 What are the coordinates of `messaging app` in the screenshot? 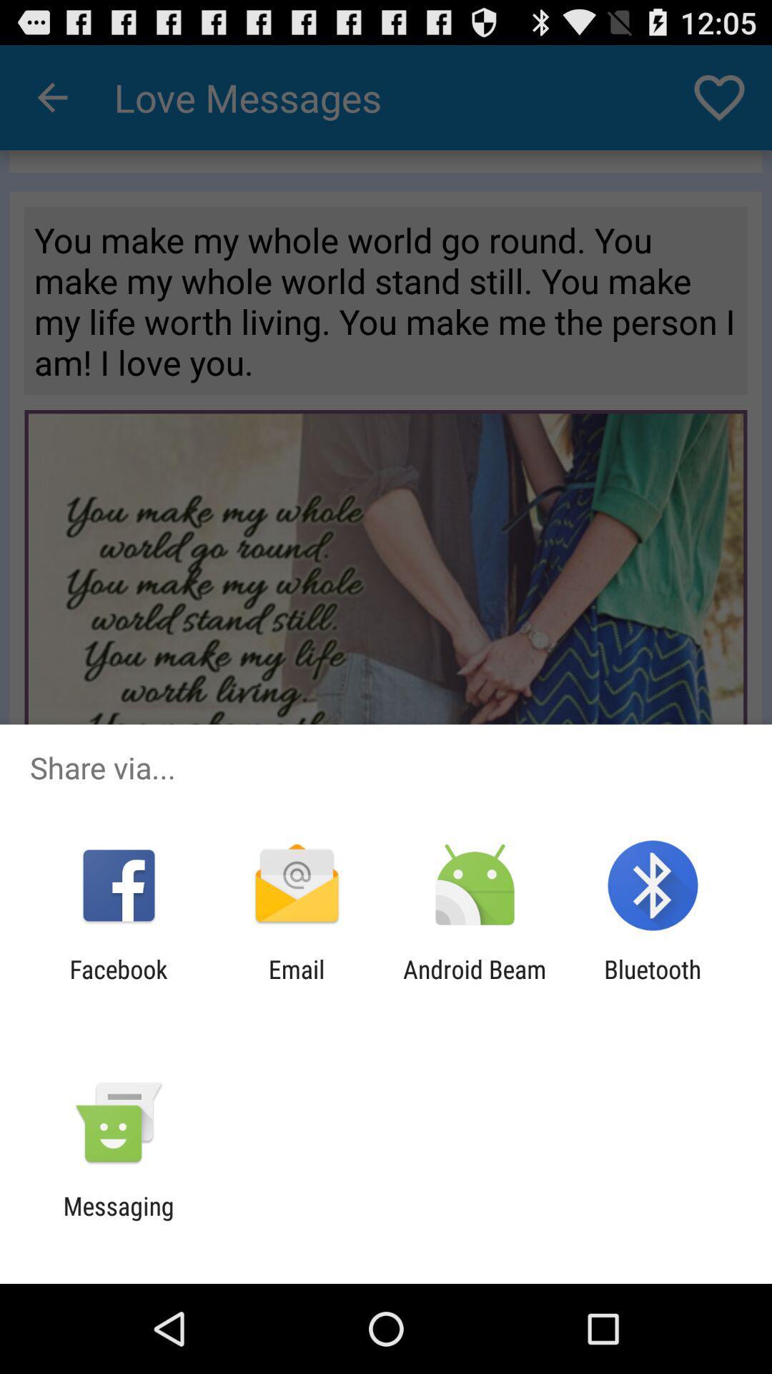 It's located at (118, 1220).